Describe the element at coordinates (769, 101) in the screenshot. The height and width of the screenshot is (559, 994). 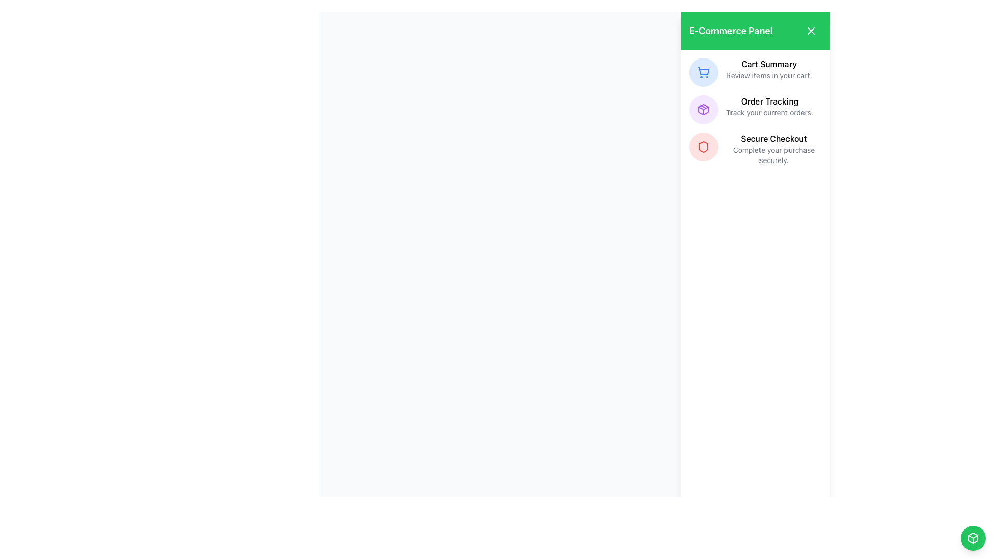
I see `the 'Order Tracking' text label, which serves as a section heading in the sidebar navigation` at that location.